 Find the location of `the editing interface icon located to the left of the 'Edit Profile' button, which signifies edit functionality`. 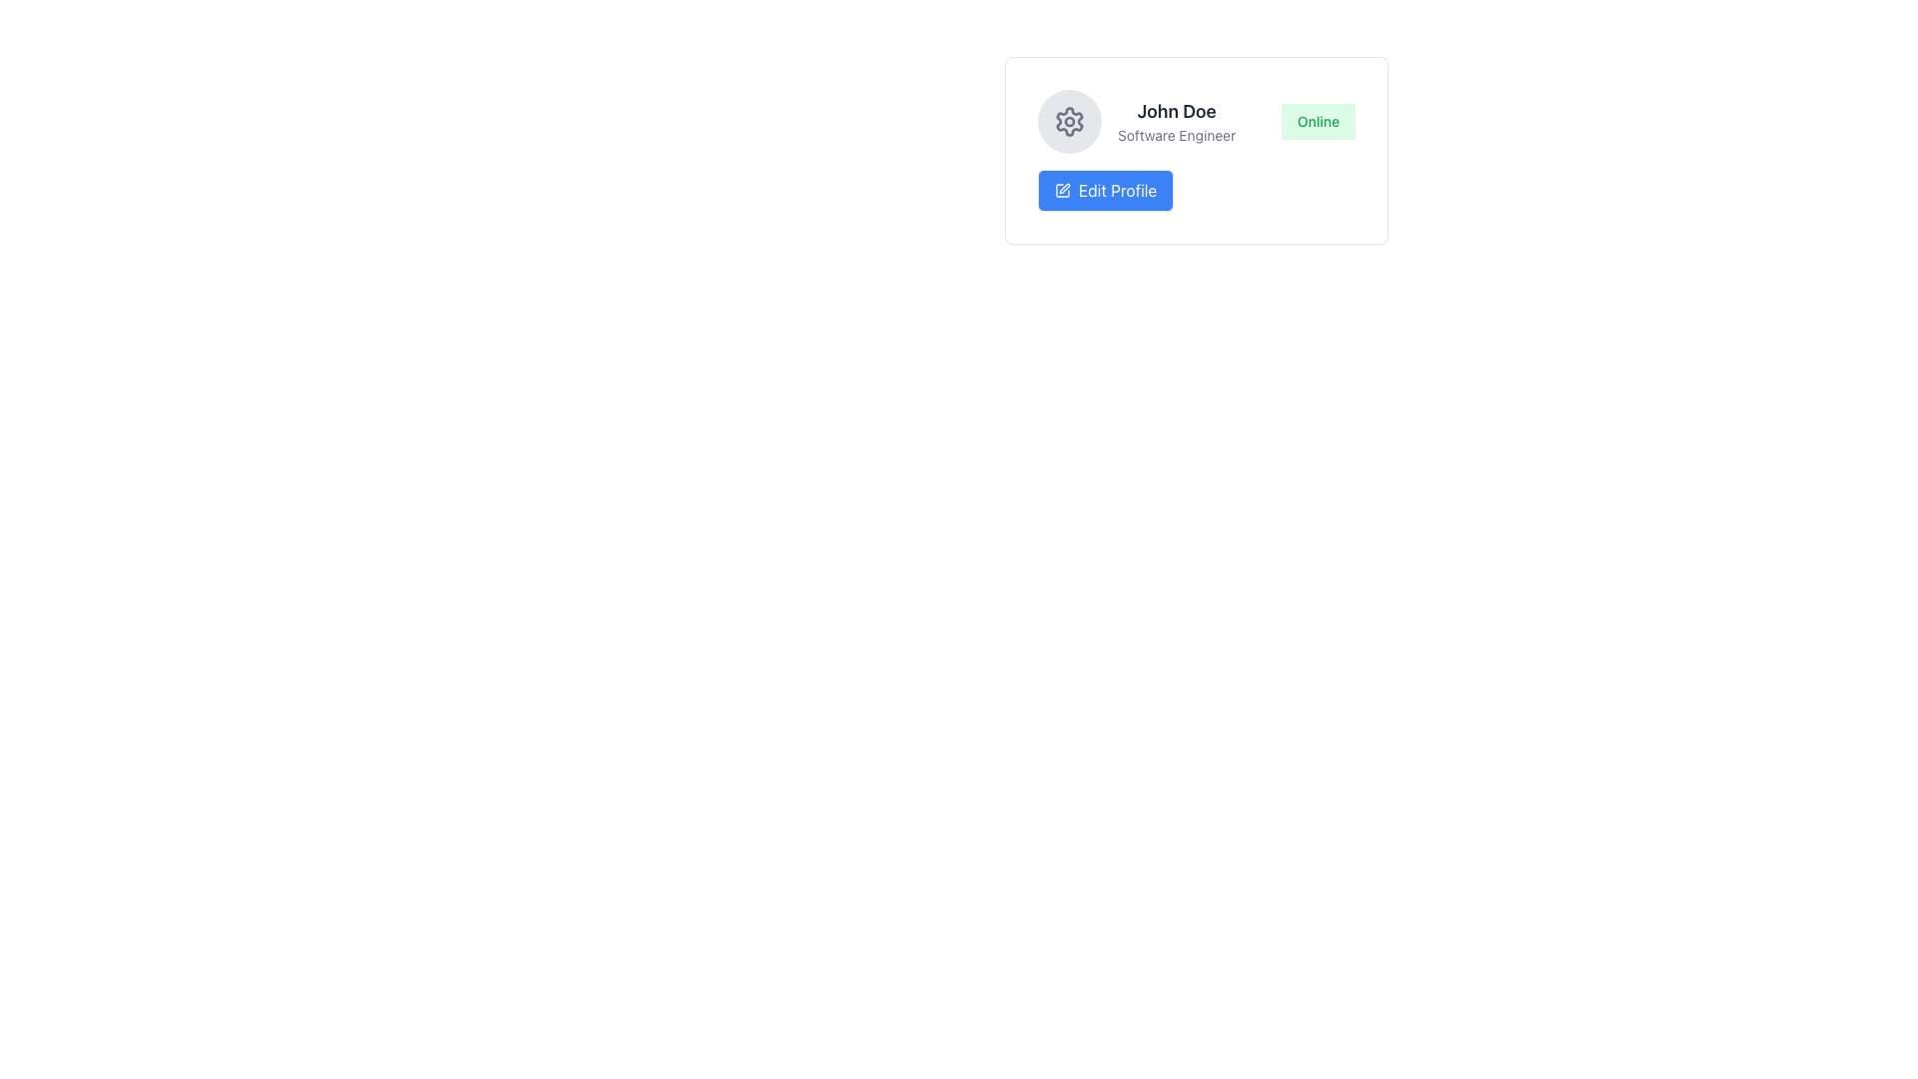

the editing interface icon located to the left of the 'Edit Profile' button, which signifies edit functionality is located at coordinates (1063, 189).